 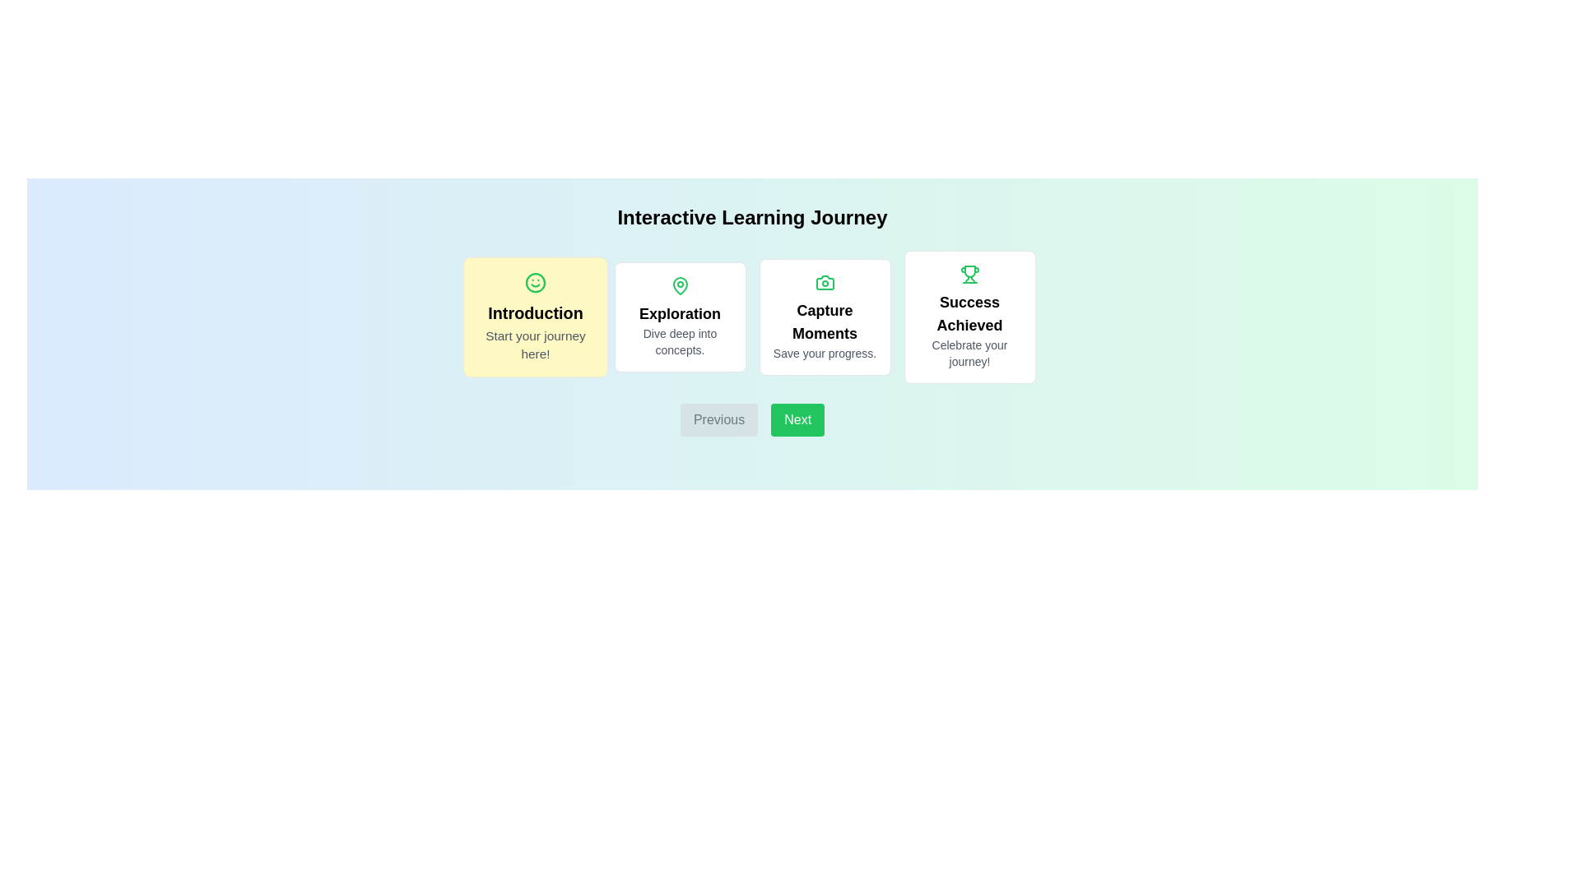 I want to click on the icon of the step card corresponding to Exploration, so click(x=680, y=284).